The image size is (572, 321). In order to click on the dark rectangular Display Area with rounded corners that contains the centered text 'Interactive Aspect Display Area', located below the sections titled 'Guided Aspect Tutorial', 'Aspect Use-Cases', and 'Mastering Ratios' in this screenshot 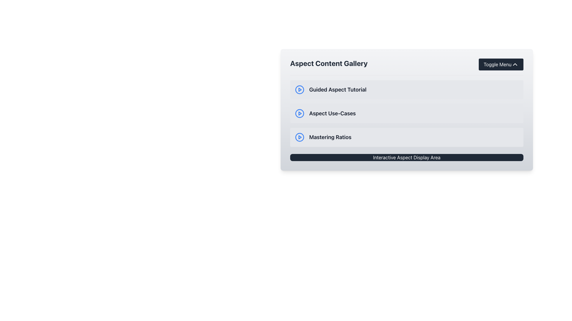, I will do `click(406, 157)`.